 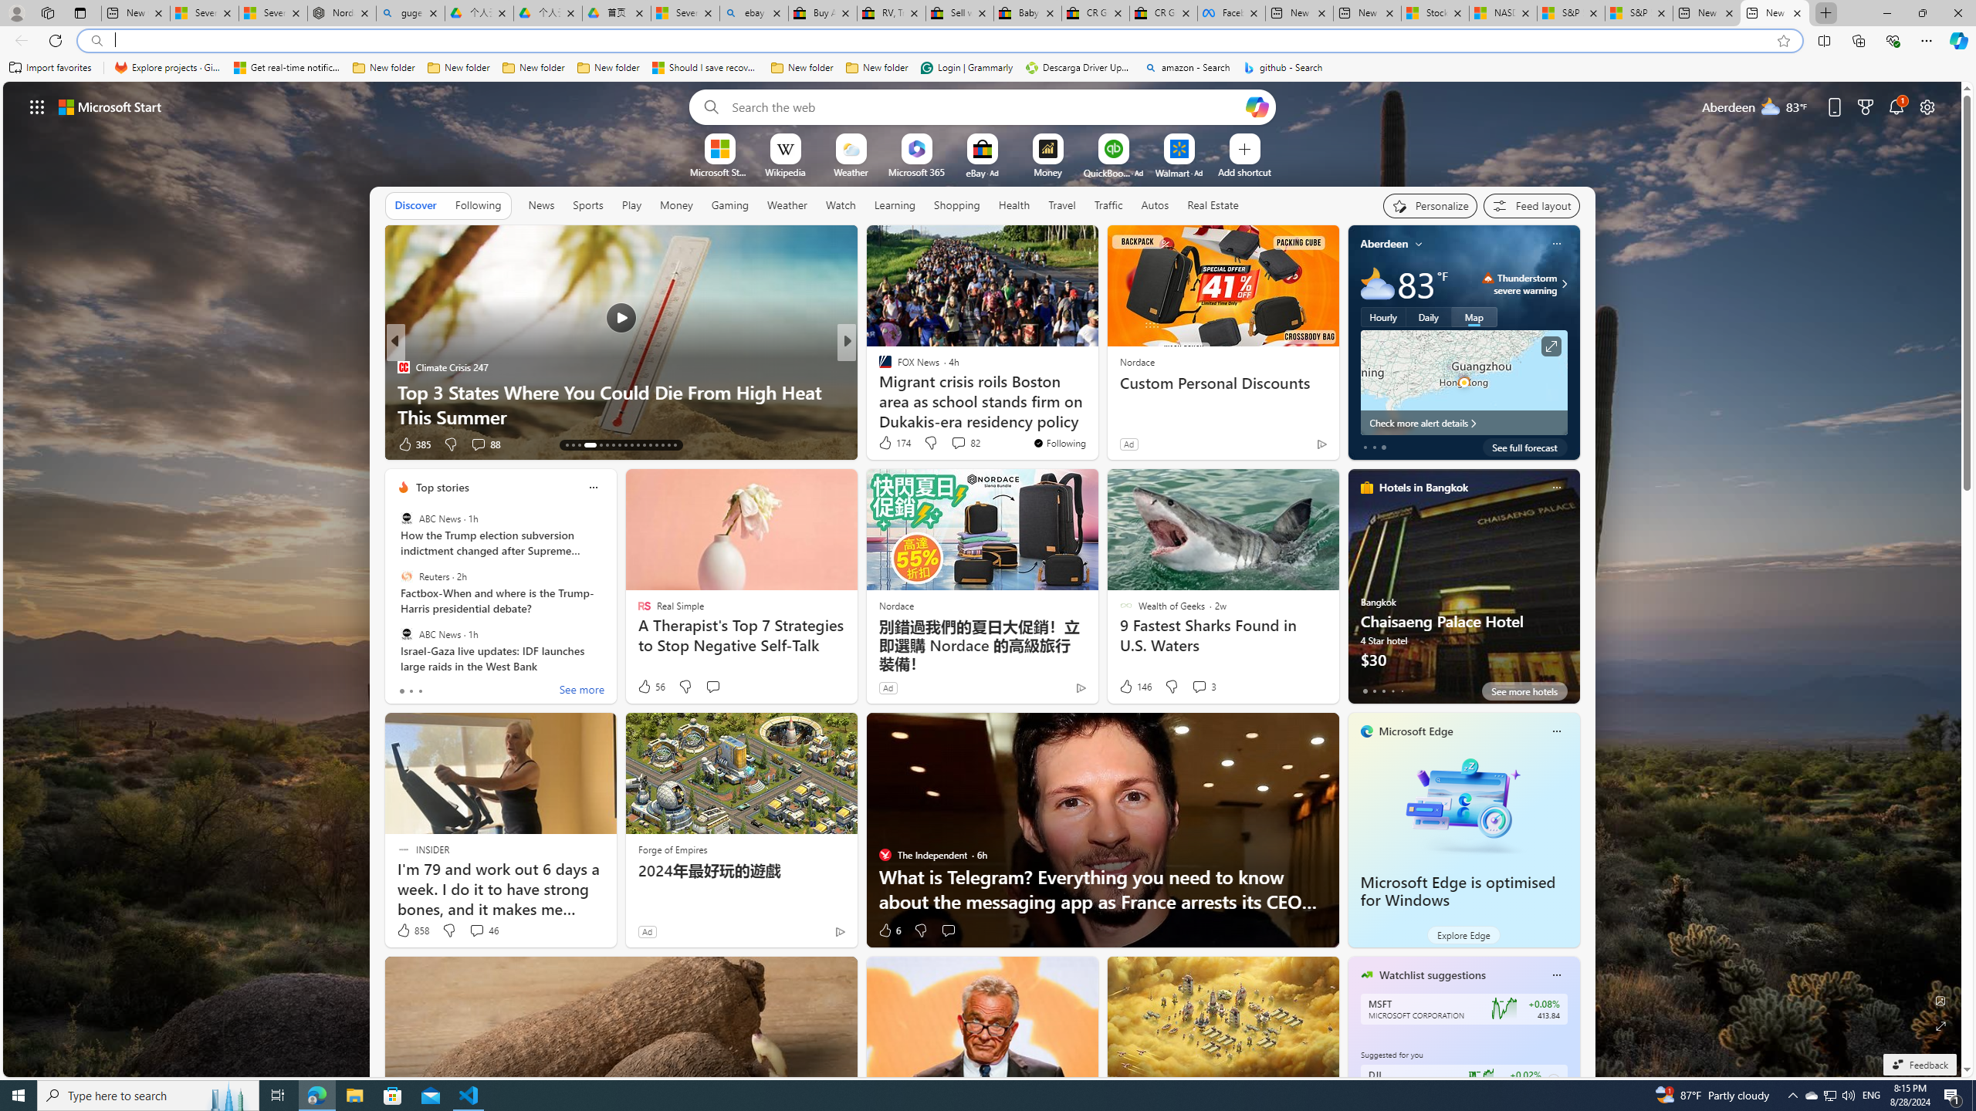 What do you see at coordinates (482, 930) in the screenshot?
I see `'View comments 46 Comment'` at bounding box center [482, 930].